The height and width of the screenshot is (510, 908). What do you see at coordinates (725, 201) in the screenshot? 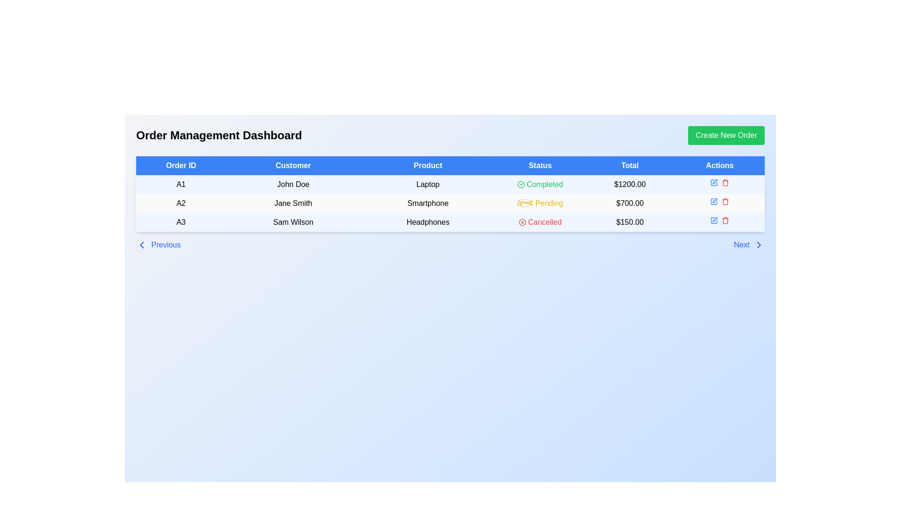
I see `the delete icon button located at the rightmost position in the 'Actions' column of the second row of the table` at bounding box center [725, 201].